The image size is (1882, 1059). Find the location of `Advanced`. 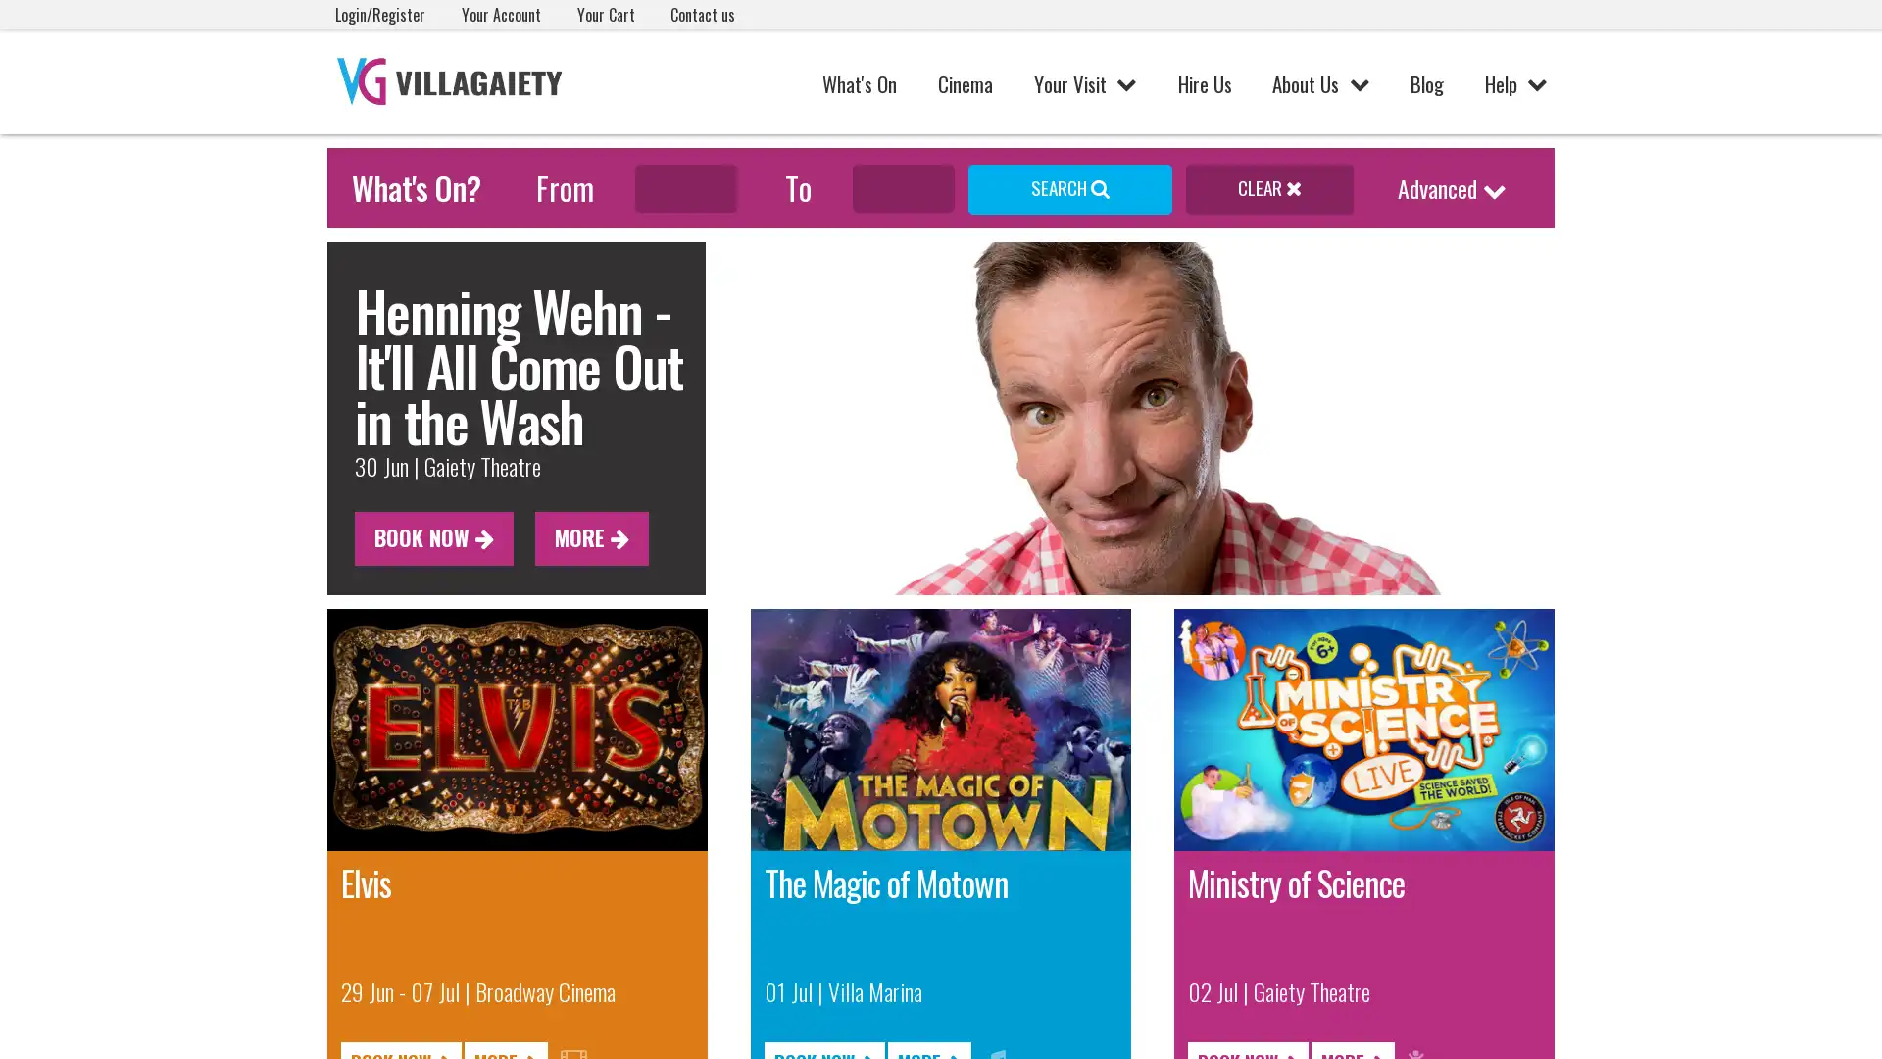

Advanced is located at coordinates (1451, 188).